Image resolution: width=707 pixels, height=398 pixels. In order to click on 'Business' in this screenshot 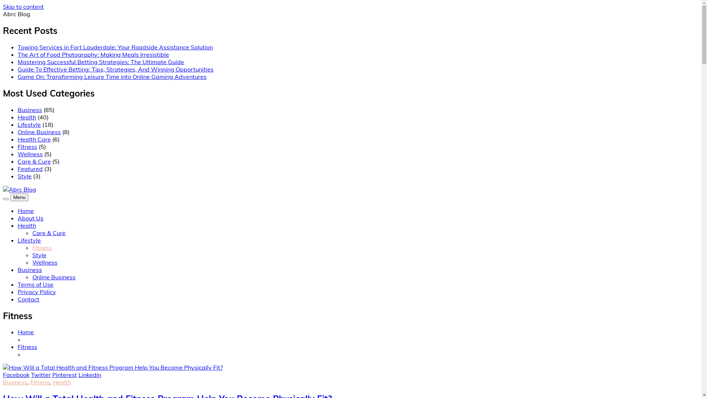, I will do `click(29, 270)`.